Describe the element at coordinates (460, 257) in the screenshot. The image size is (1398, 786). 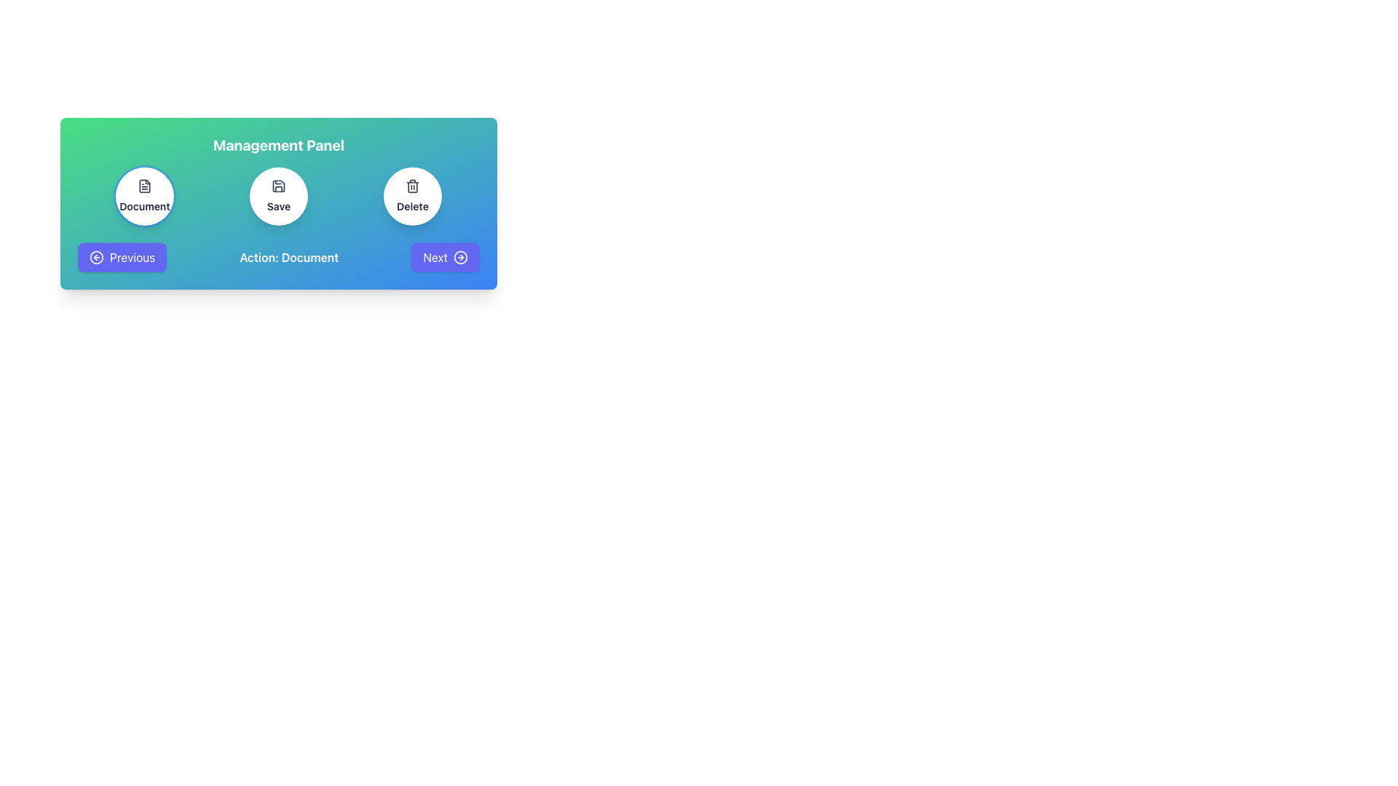
I see `the circular SVG element located within the 'Next' button at the bottom-right corner of the main panel` at that location.